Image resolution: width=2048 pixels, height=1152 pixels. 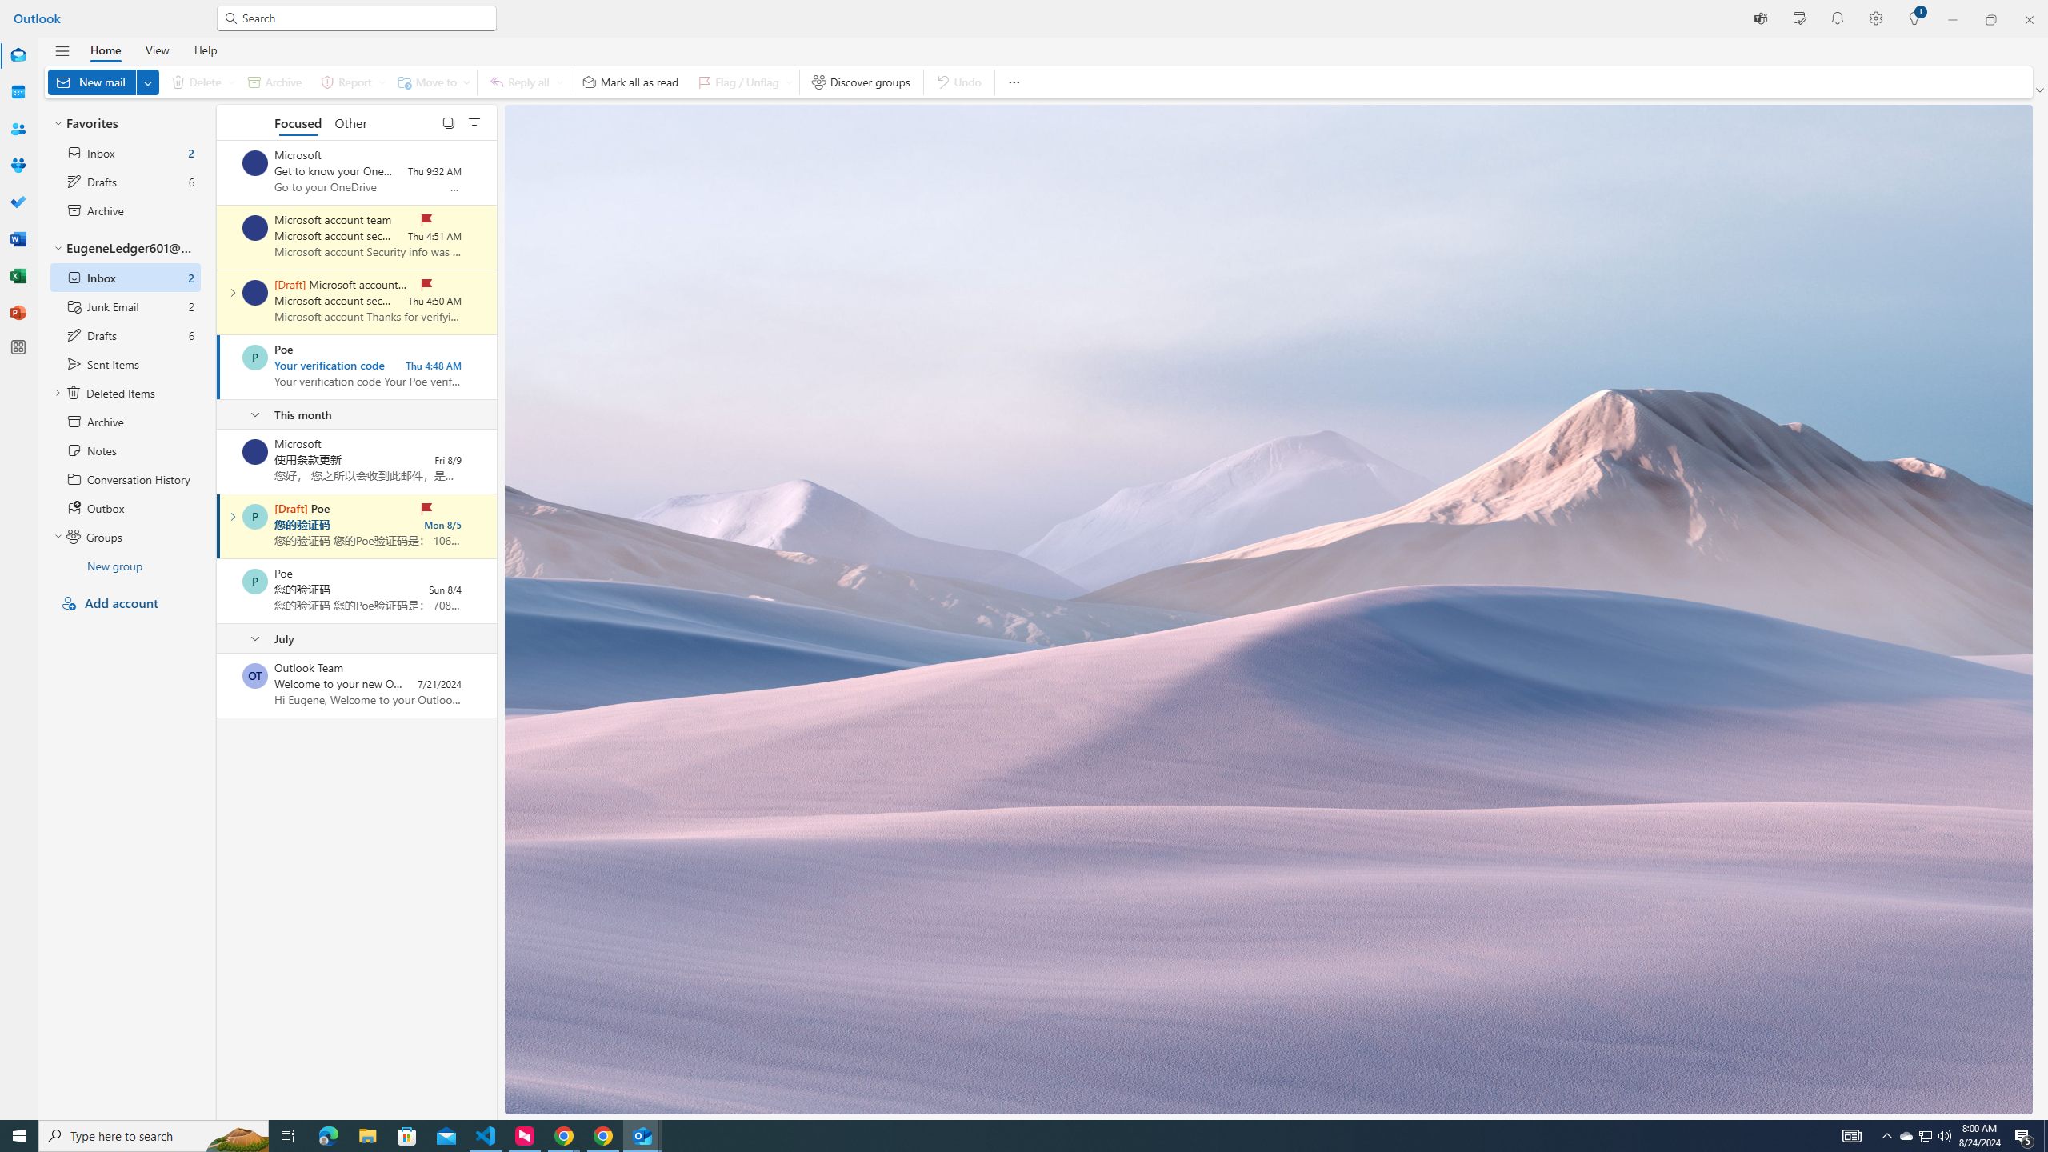 What do you see at coordinates (349, 122) in the screenshot?
I see `'Other'` at bounding box center [349, 122].